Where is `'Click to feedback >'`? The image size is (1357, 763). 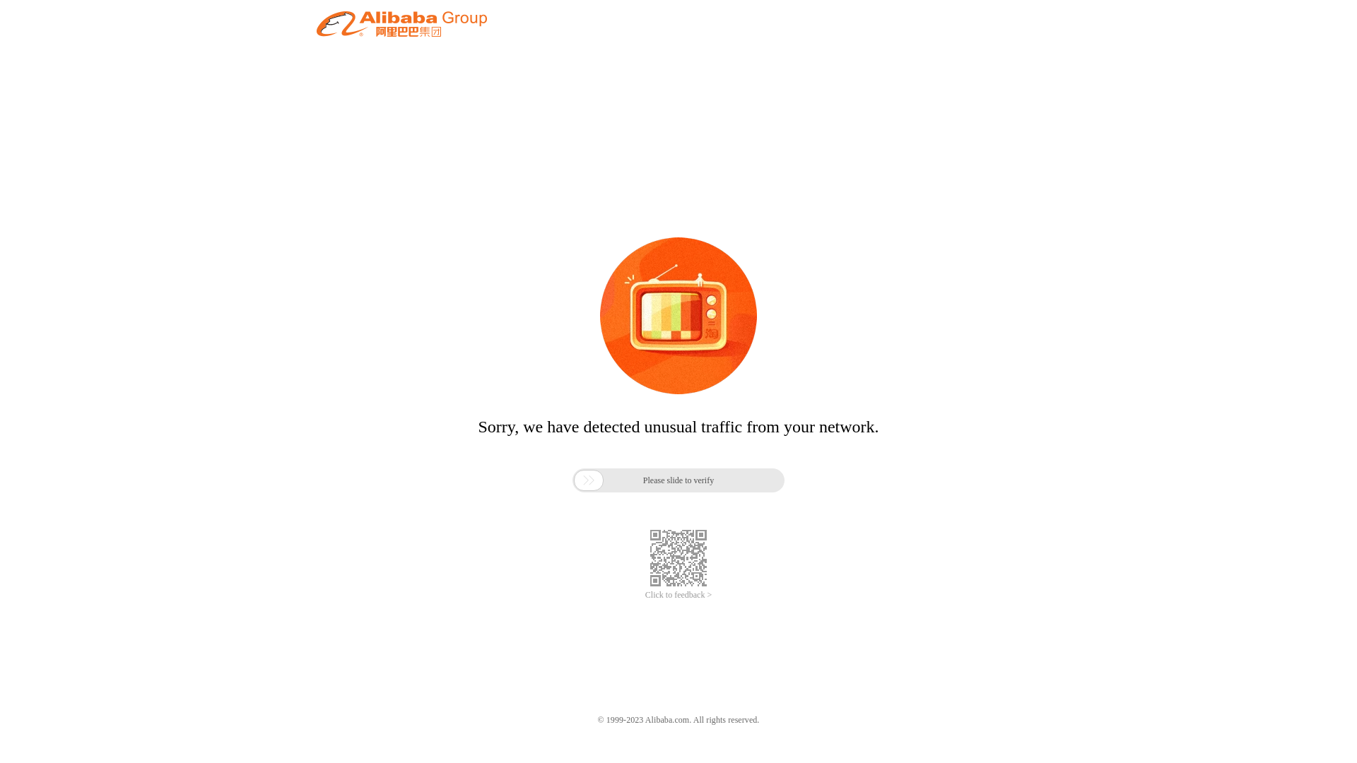 'Click to feedback >' is located at coordinates (644, 595).